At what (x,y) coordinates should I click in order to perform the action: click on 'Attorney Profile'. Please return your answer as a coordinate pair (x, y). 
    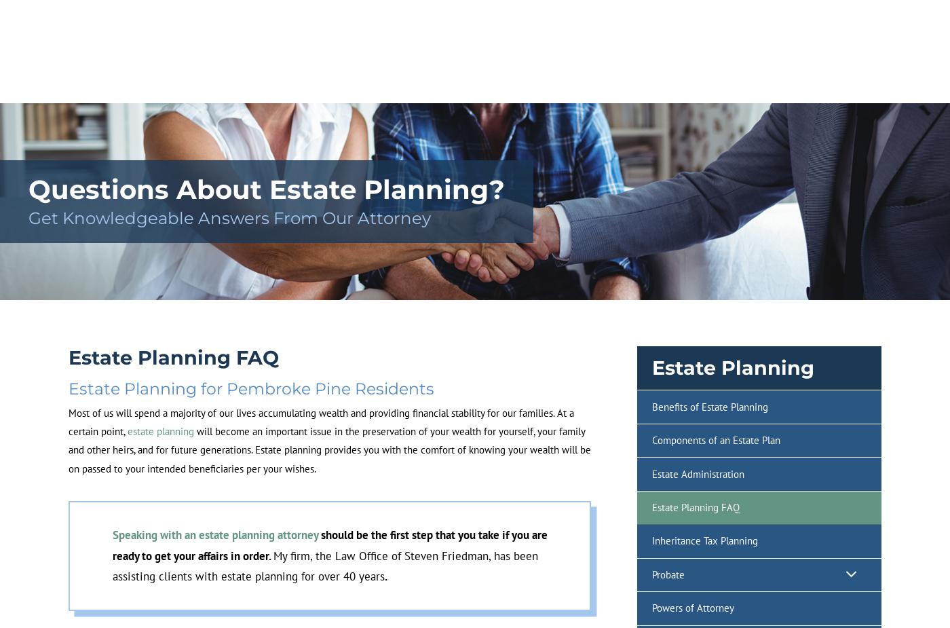
    Looking at the image, I should click on (244, 91).